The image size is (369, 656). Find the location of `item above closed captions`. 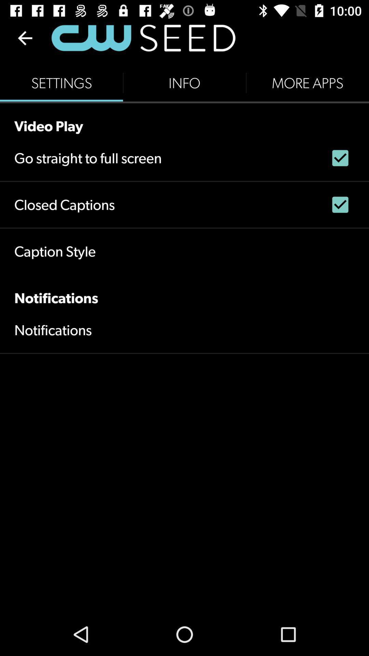

item above closed captions is located at coordinates (87, 158).